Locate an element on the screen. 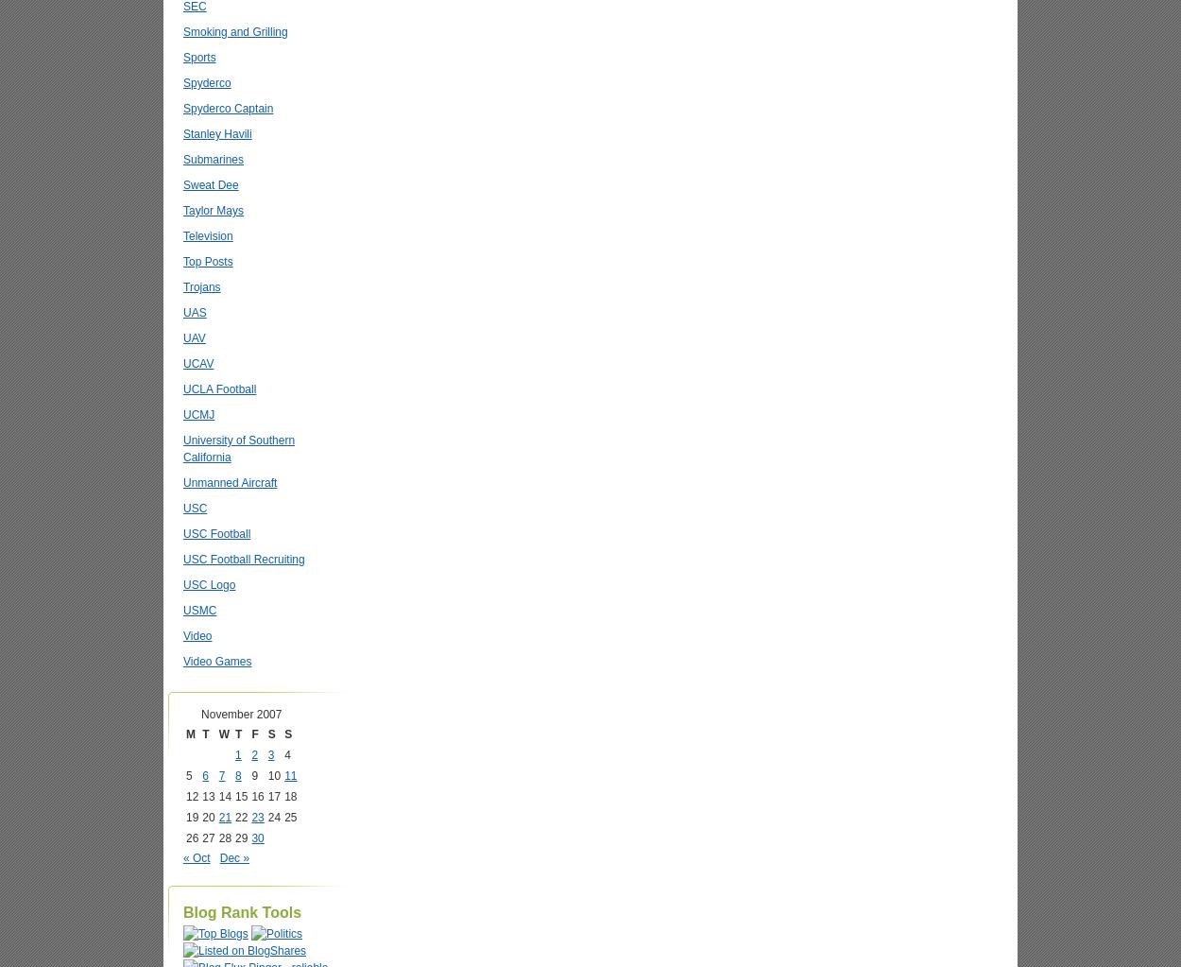 The width and height of the screenshot is (1181, 967). '7' is located at coordinates (220, 775).